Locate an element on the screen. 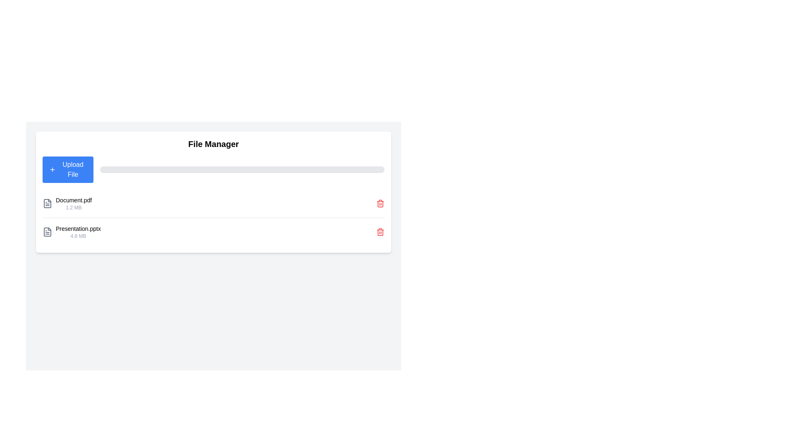  the file display component labeled 'Document.pdf' is located at coordinates (67, 204).